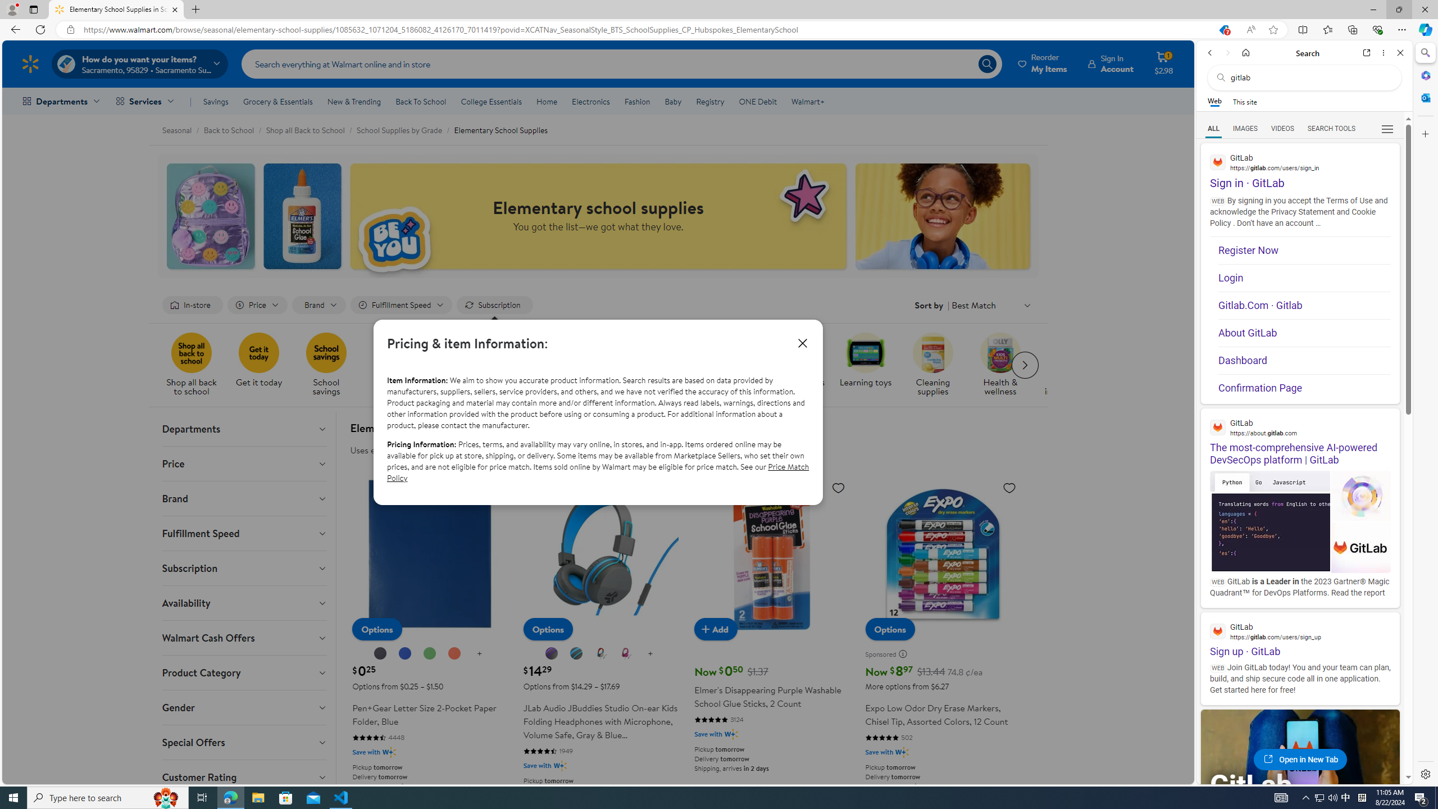 This screenshot has height=809, width=1438. Describe the element at coordinates (1213, 129) in the screenshot. I see `'ALL  '` at that location.